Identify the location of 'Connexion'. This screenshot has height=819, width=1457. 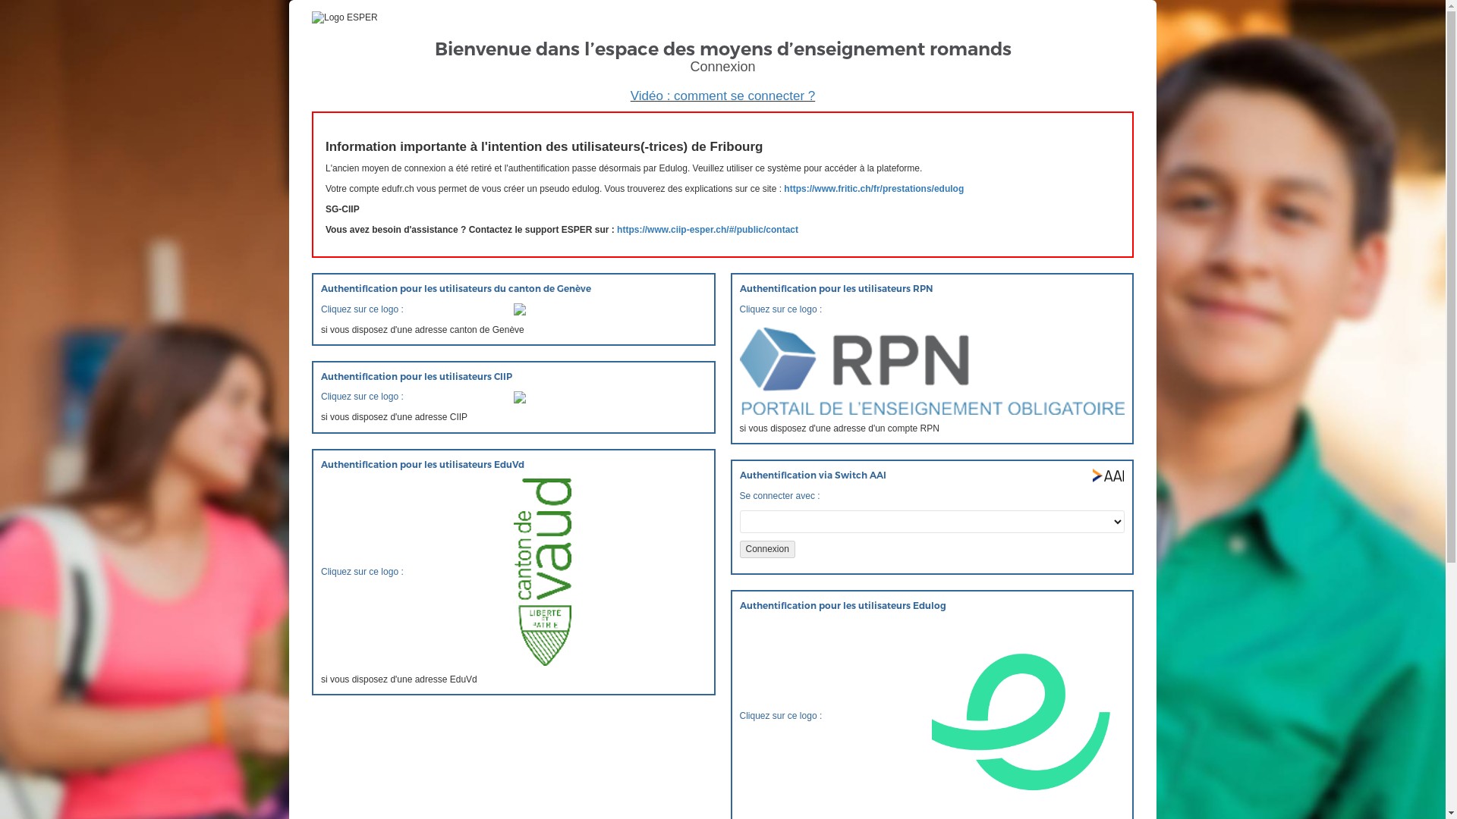
(766, 549).